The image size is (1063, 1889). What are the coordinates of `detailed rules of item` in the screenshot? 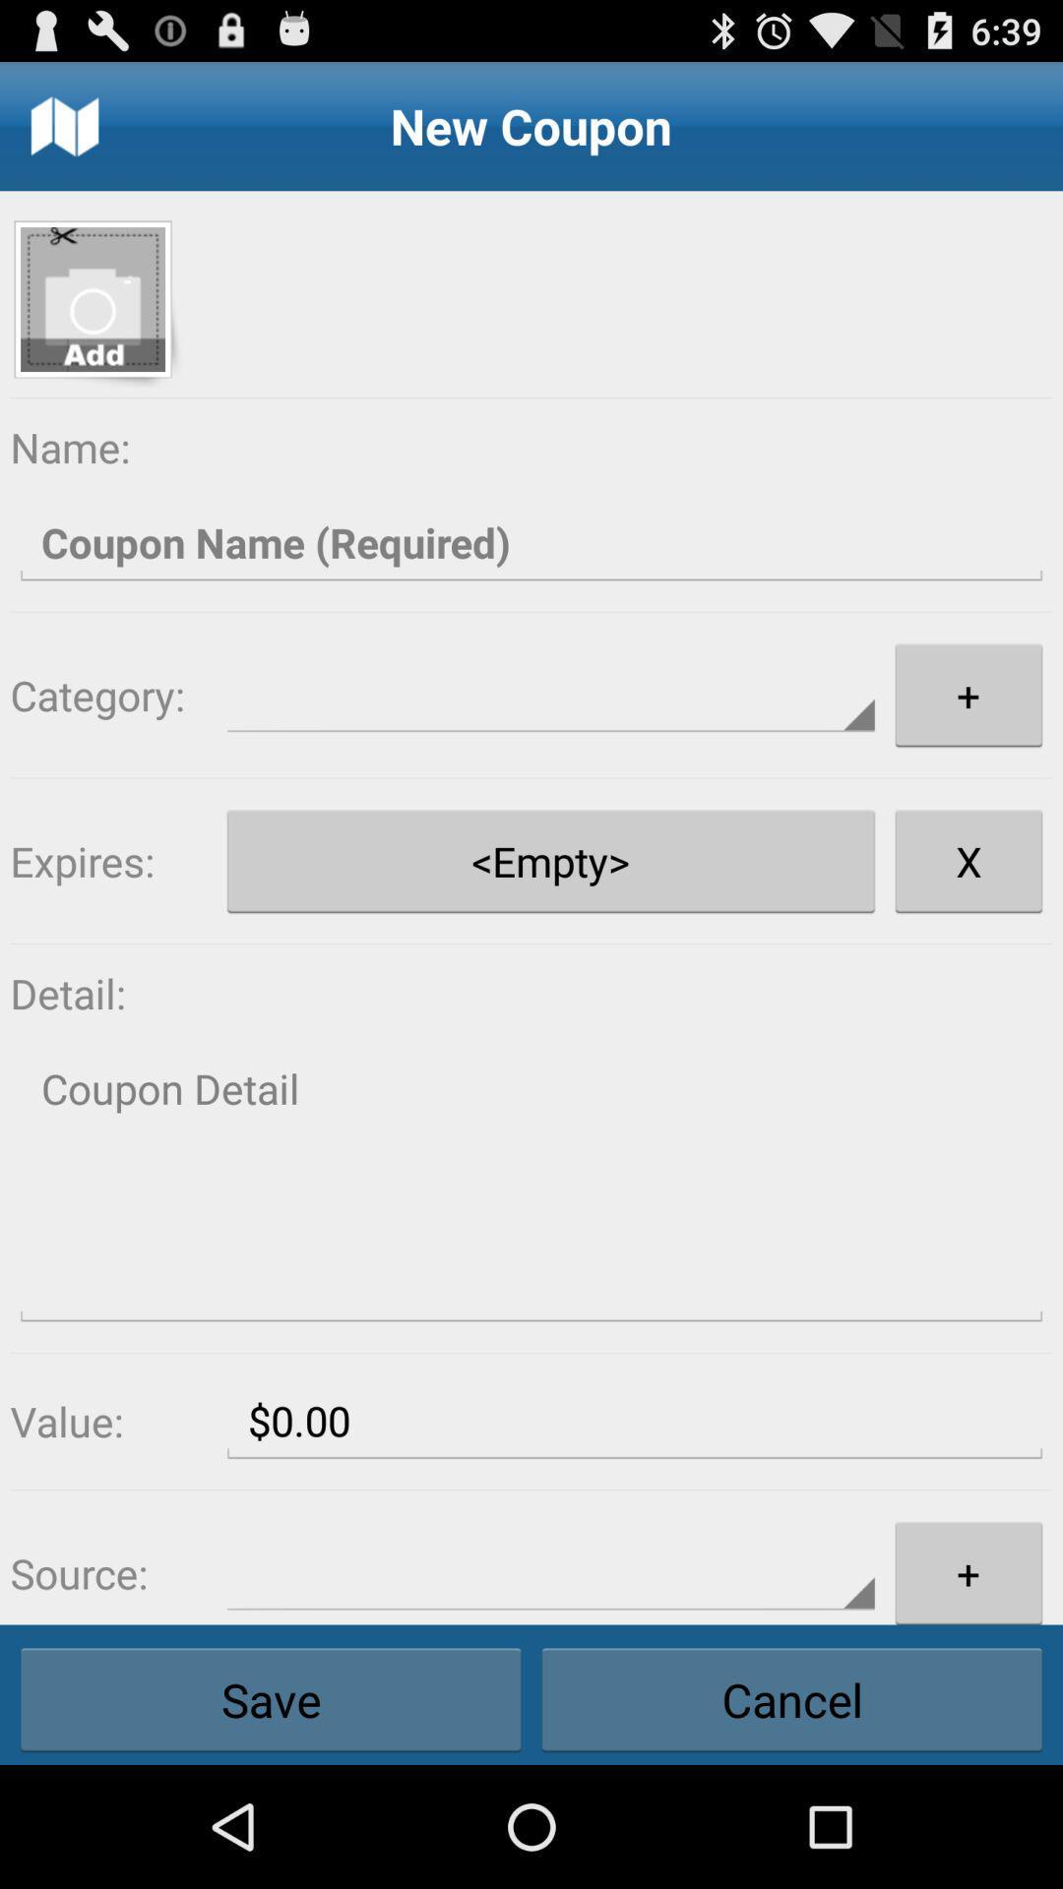 It's located at (531, 1186).